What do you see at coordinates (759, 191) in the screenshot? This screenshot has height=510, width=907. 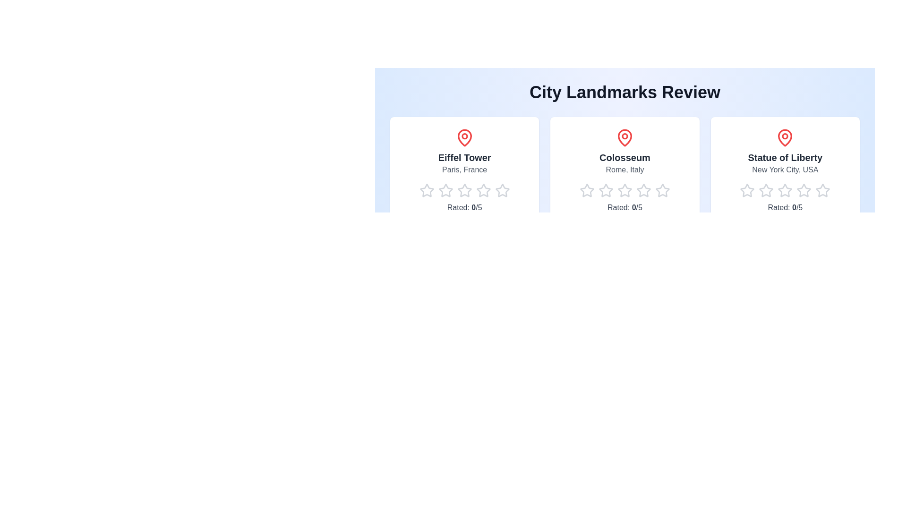 I see `the star corresponding to 2 for the landmark Statue of Liberty` at bounding box center [759, 191].